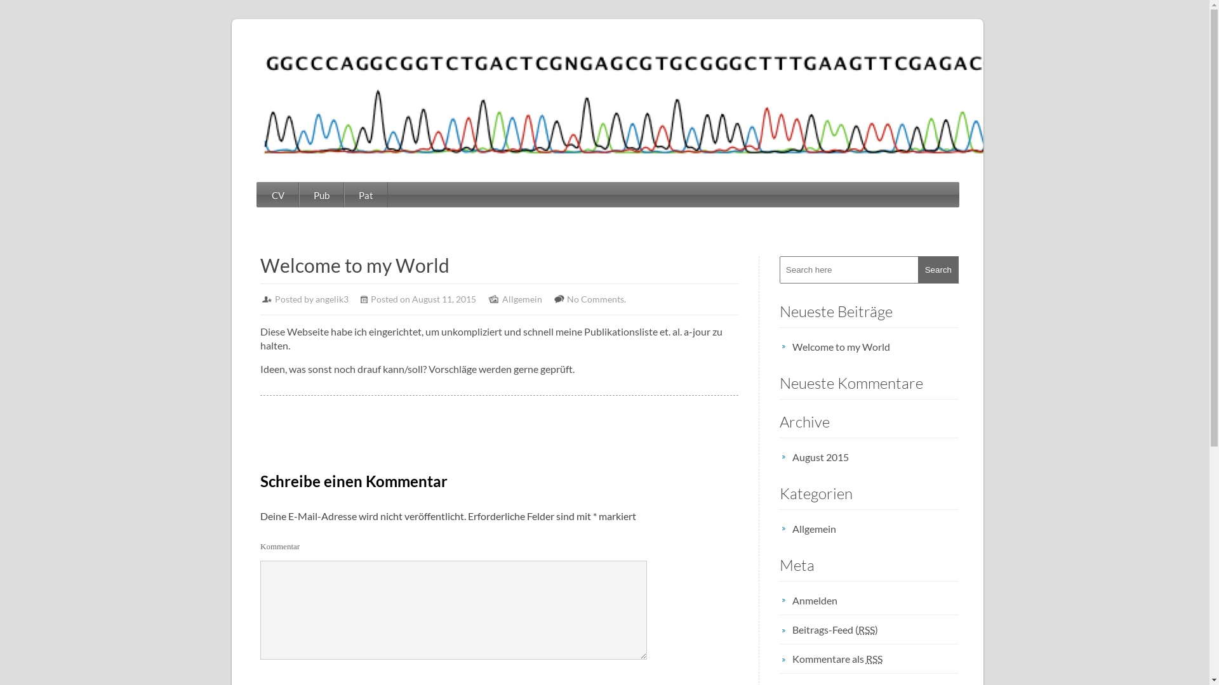 The image size is (1219, 685). I want to click on 'Search', so click(938, 269).